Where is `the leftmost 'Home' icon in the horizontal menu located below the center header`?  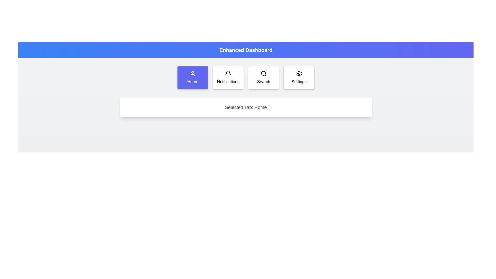 the leftmost 'Home' icon in the horizontal menu located below the center header is located at coordinates (192, 74).